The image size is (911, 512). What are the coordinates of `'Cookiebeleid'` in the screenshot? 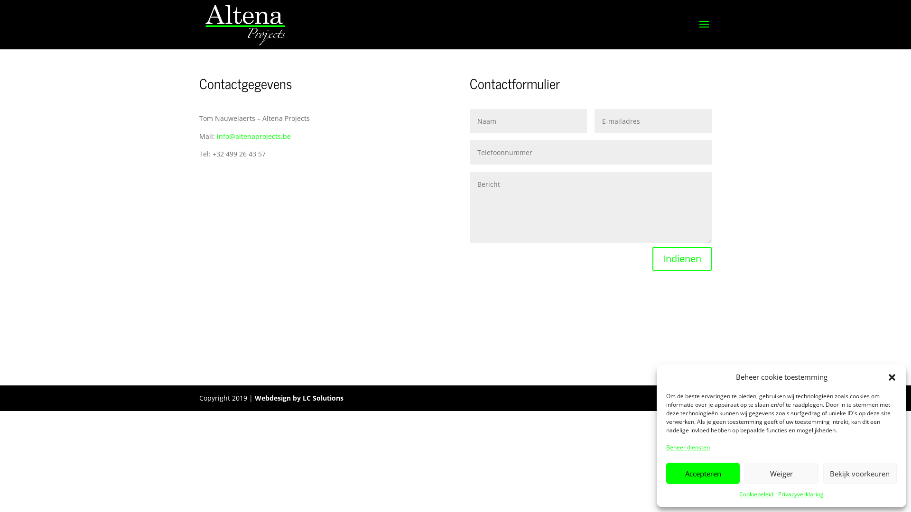 It's located at (755, 494).